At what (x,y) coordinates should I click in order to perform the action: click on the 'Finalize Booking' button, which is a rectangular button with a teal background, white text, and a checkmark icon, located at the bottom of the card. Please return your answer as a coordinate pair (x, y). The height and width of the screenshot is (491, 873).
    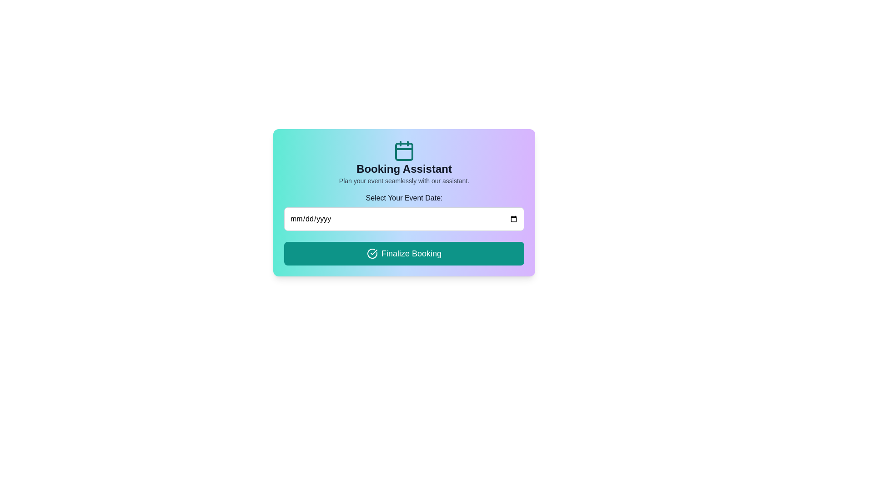
    Looking at the image, I should click on (403, 254).